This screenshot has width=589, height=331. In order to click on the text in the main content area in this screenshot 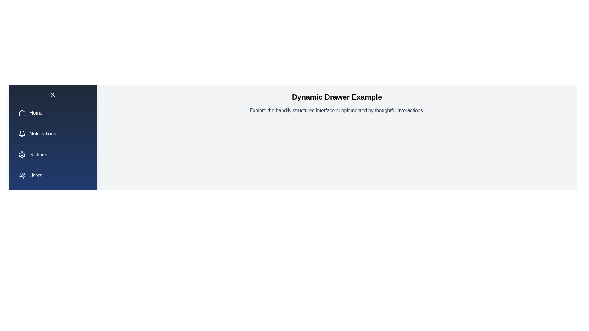, I will do `click(337, 111)`.